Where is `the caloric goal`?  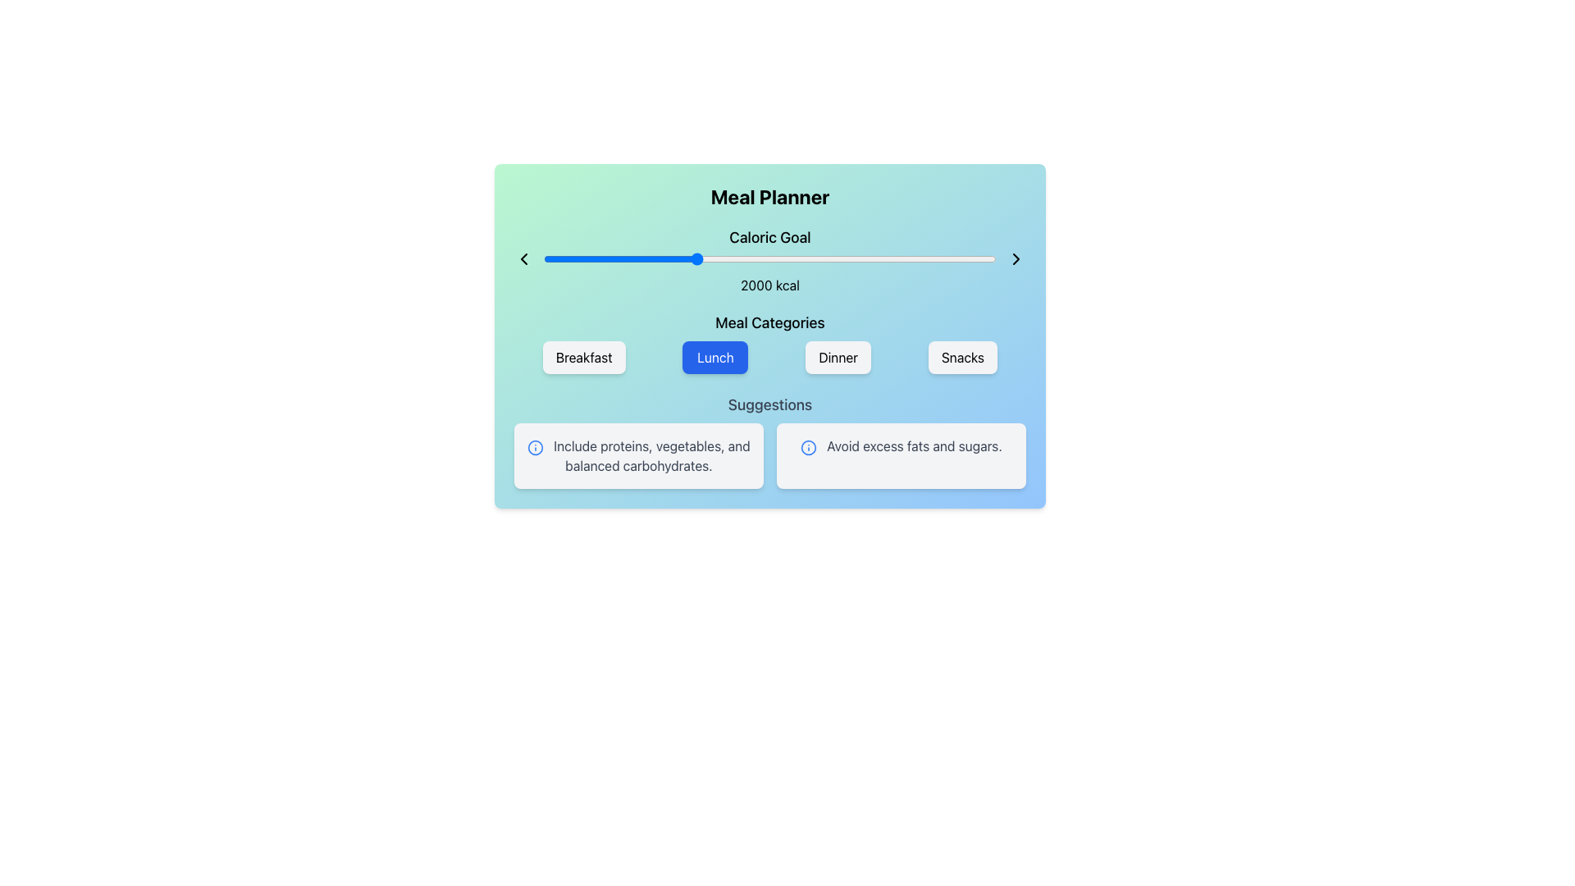
the caloric goal is located at coordinates (961, 258).